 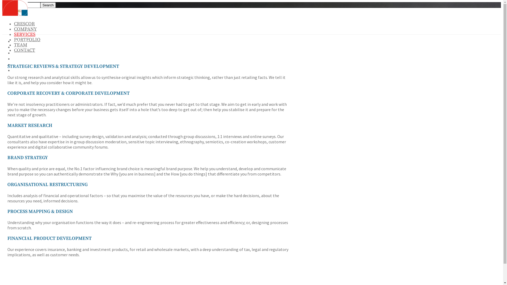 What do you see at coordinates (48, 5) in the screenshot?
I see `'Search'` at bounding box center [48, 5].